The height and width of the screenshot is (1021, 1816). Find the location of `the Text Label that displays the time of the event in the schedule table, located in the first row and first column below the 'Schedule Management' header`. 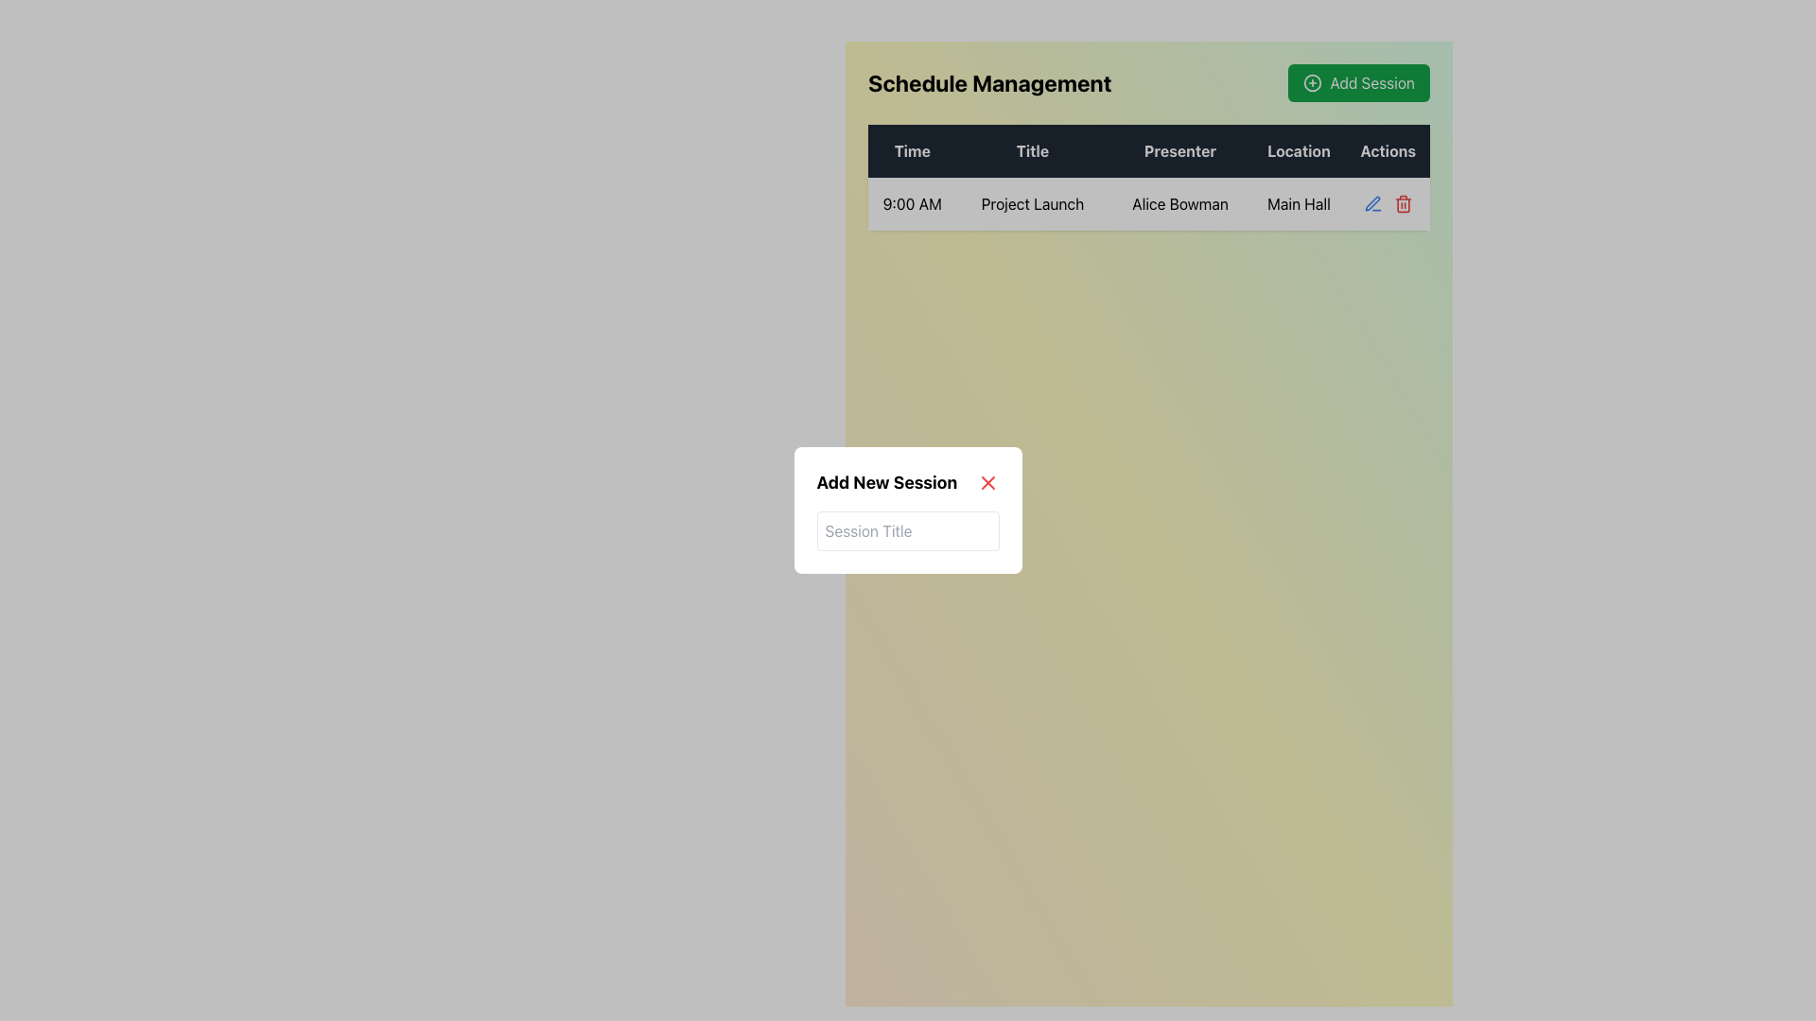

the Text Label that displays the time of the event in the schedule table, located in the first row and first column below the 'Schedule Management' header is located at coordinates (912, 204).